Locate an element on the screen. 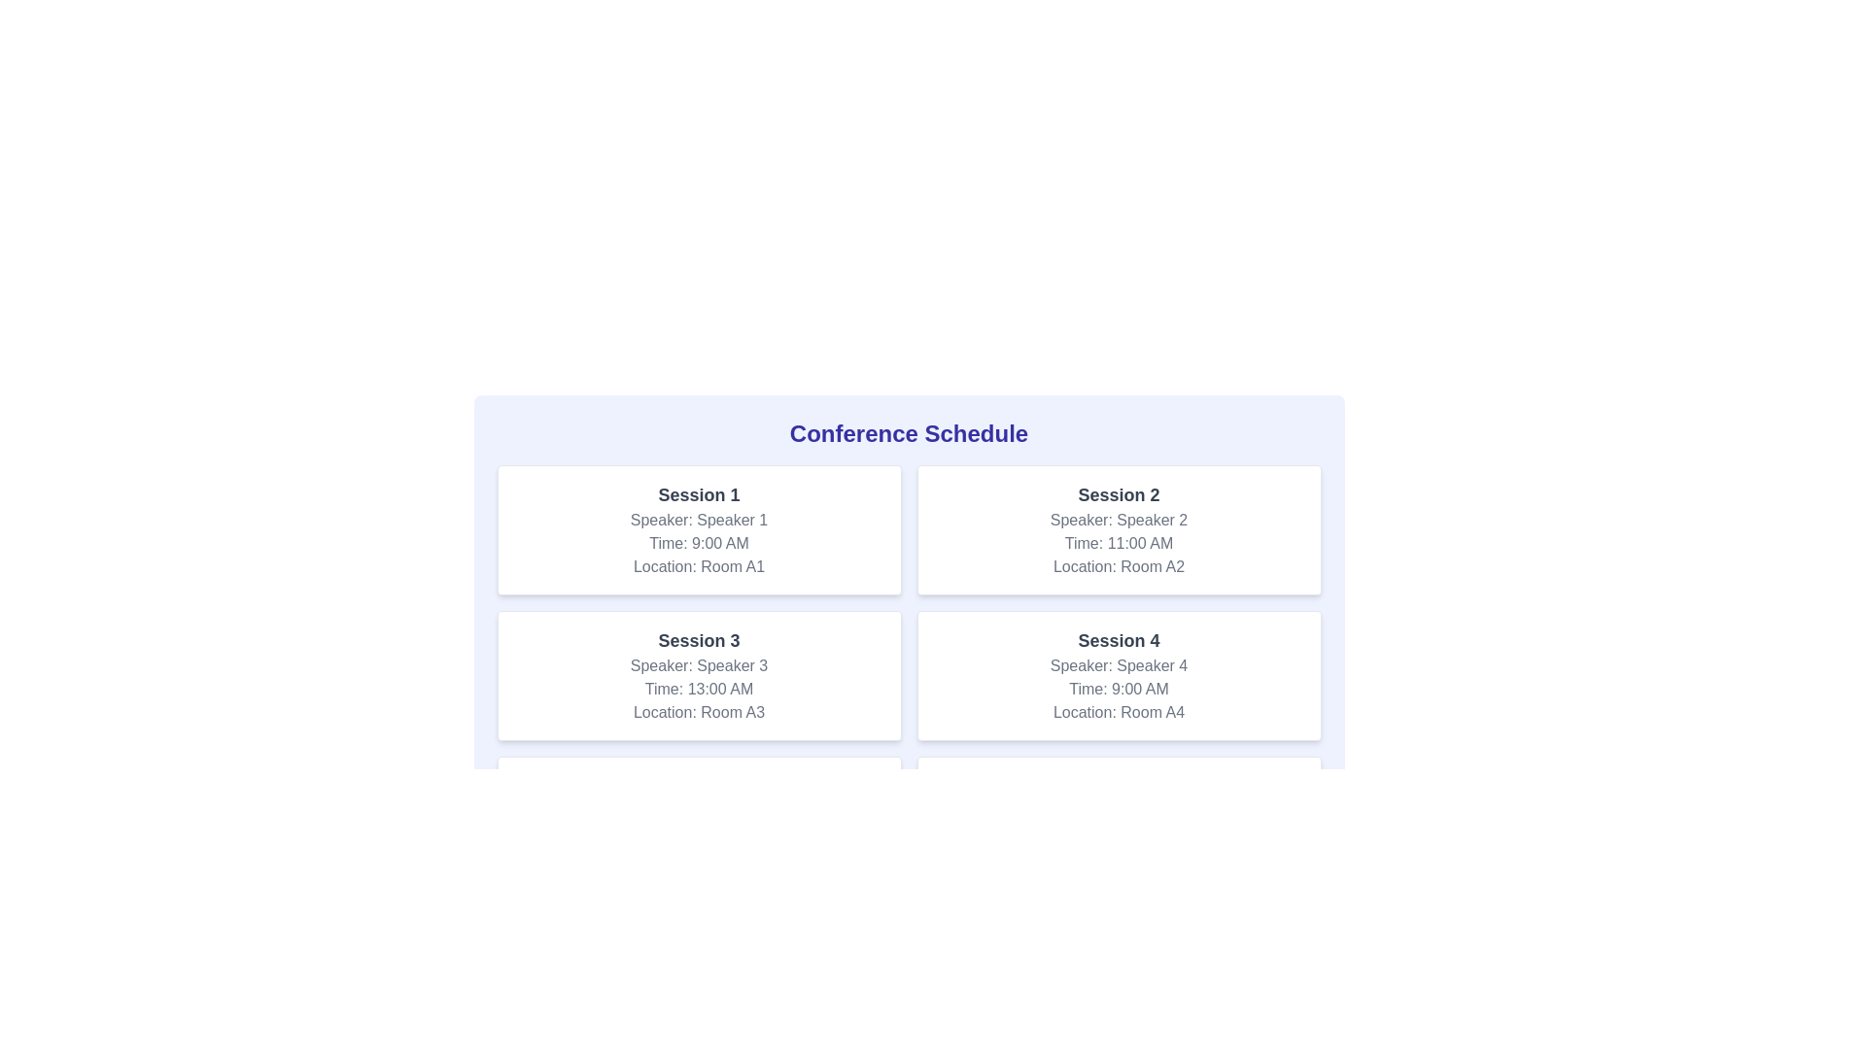 The height and width of the screenshot is (1049, 1866). the static text label that provides location information for 'Session 2' in Room A2, which is positioned below 'Time: 11:00 AM' is located at coordinates (1119, 566).